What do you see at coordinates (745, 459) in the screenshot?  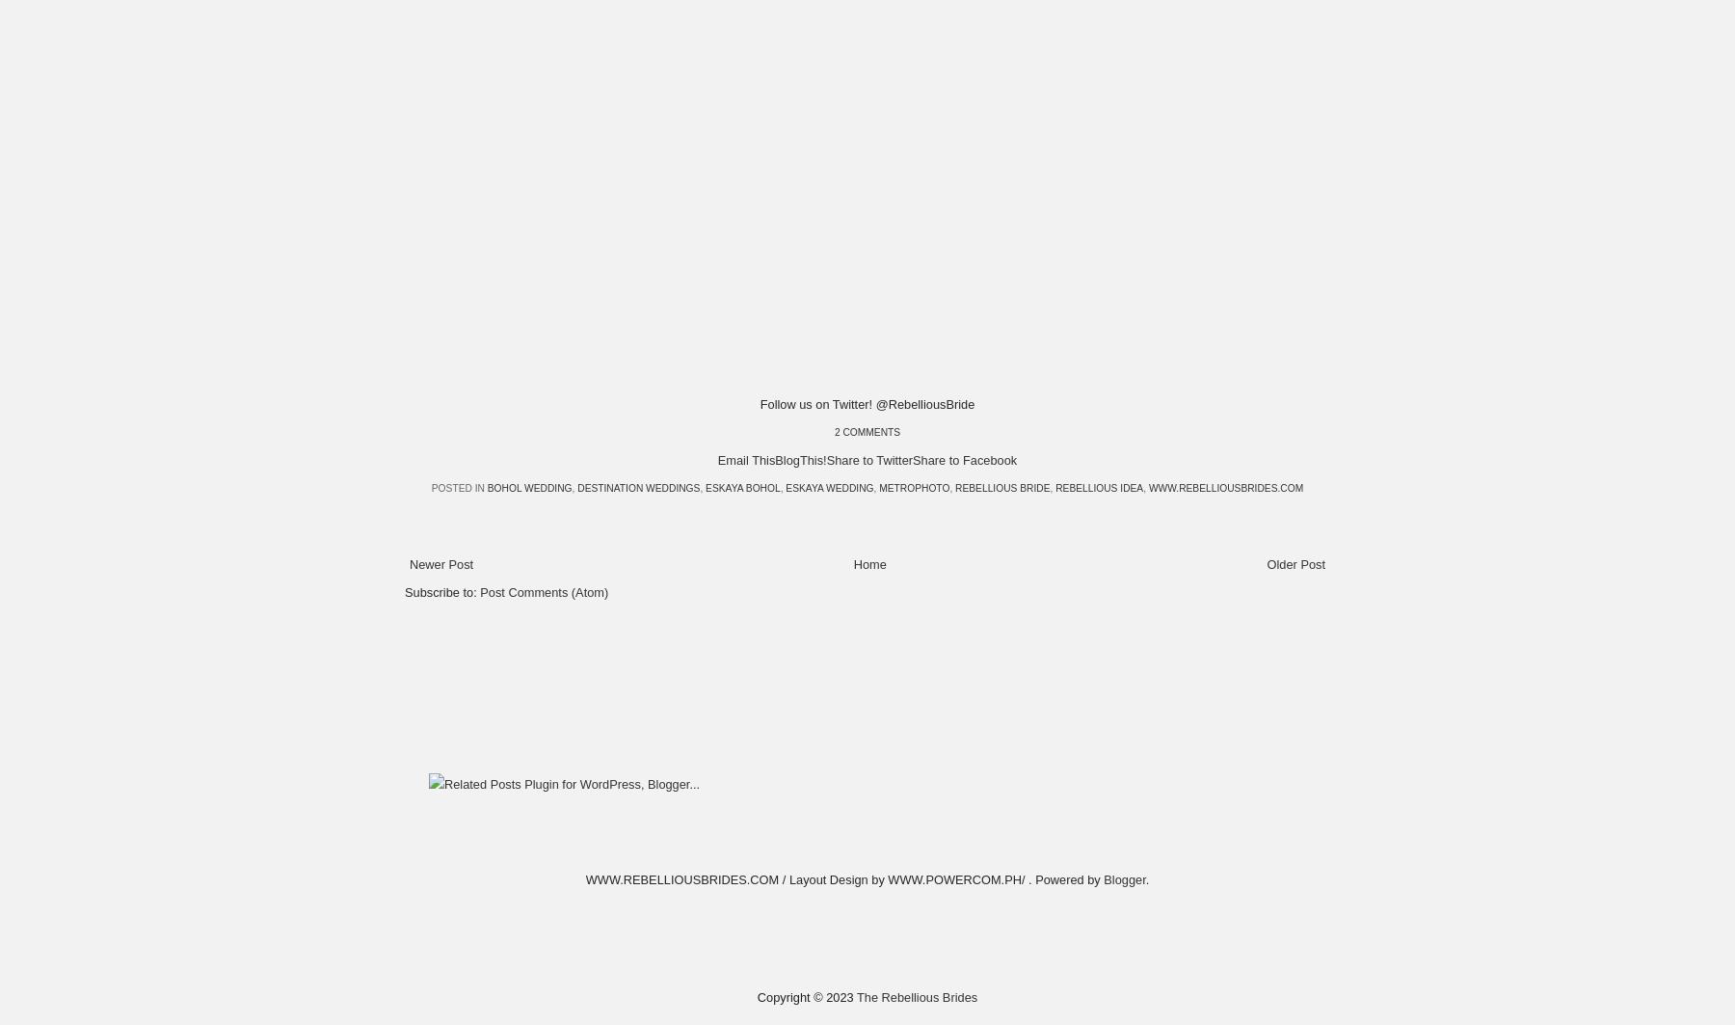 I see `'Email This'` at bounding box center [745, 459].